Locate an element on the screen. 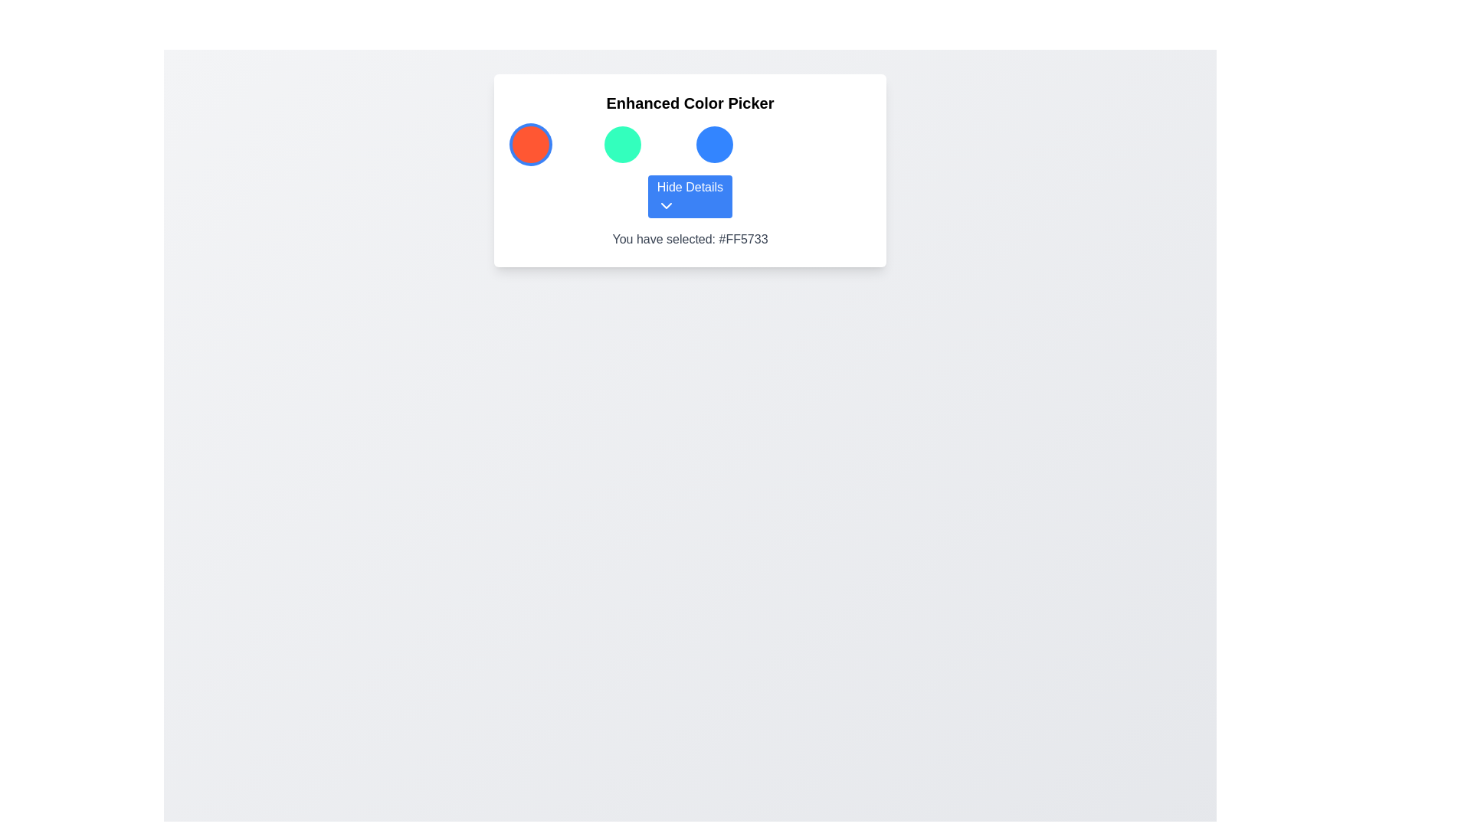  the vibrant orange-red circular button with a blue border located at the top-left corner of a row of three similar circular elements is located at coordinates (530, 145).